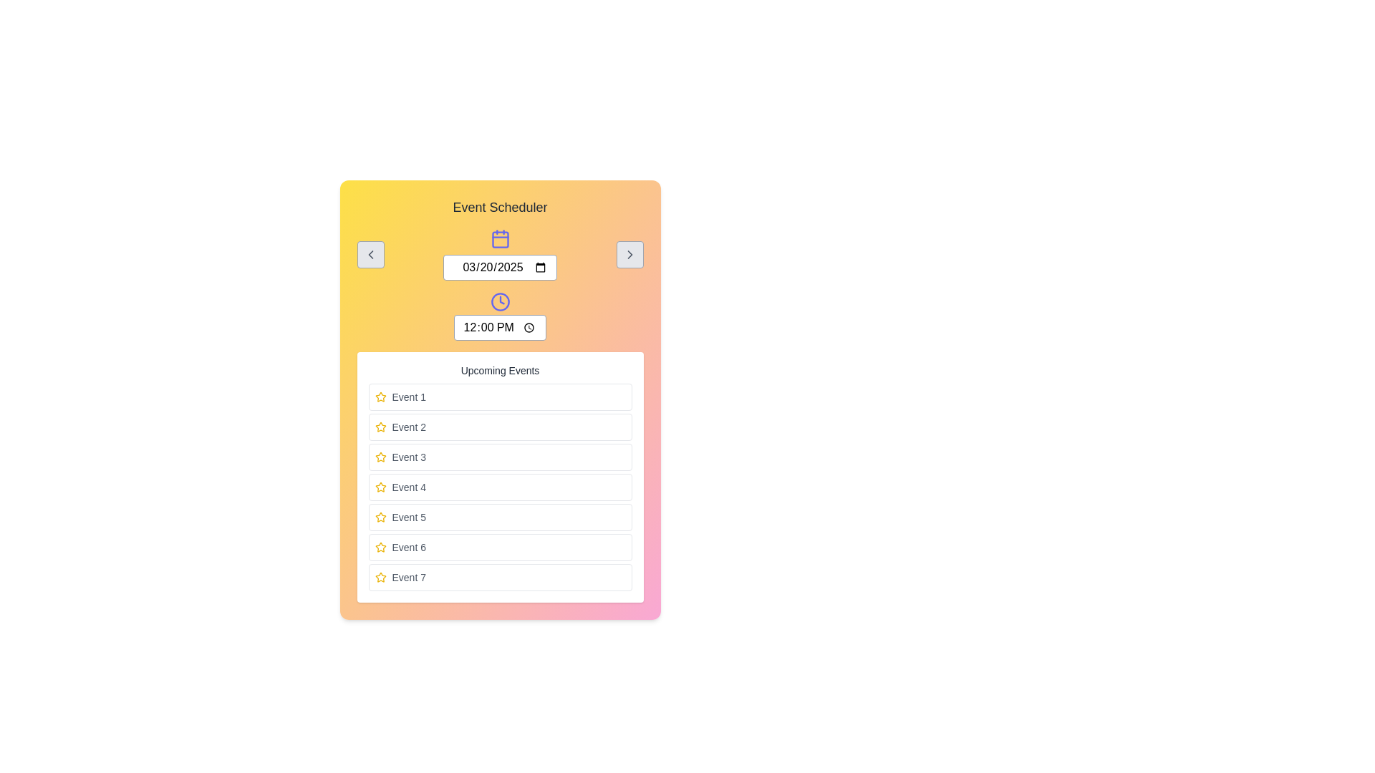  What do you see at coordinates (500, 517) in the screenshot?
I see `the fifth event item` at bounding box center [500, 517].